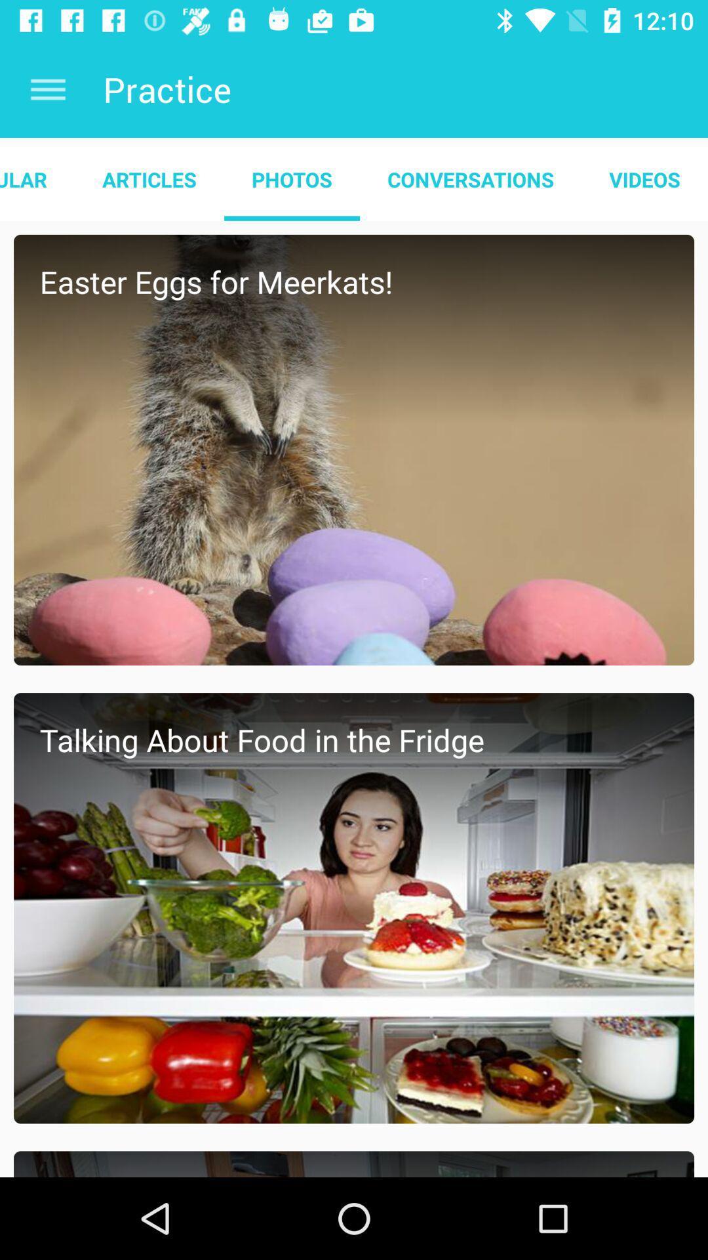 This screenshot has width=708, height=1260. What do you see at coordinates (148, 178) in the screenshot?
I see `the icon next to the photos icon` at bounding box center [148, 178].